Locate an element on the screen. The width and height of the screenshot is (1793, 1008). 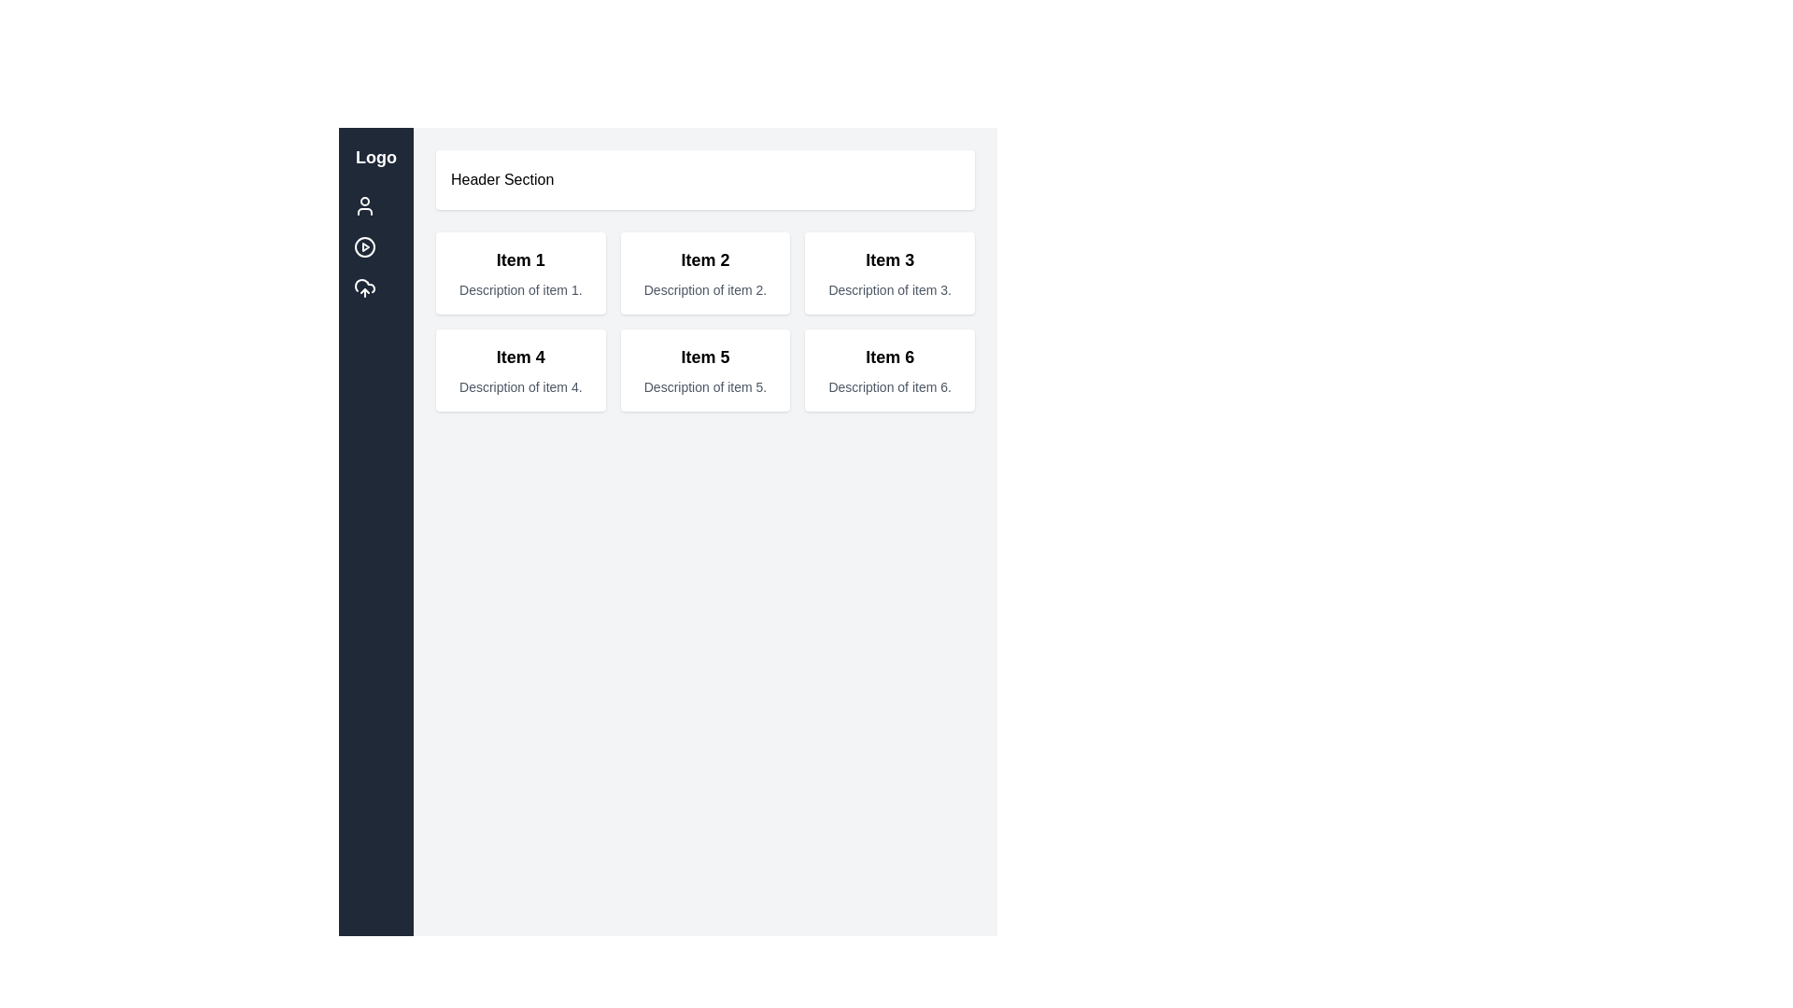
the Static content card titled 'Item 3,' which is the third card in a grid layout located in the upper-right of the grid is located at coordinates (889, 273).